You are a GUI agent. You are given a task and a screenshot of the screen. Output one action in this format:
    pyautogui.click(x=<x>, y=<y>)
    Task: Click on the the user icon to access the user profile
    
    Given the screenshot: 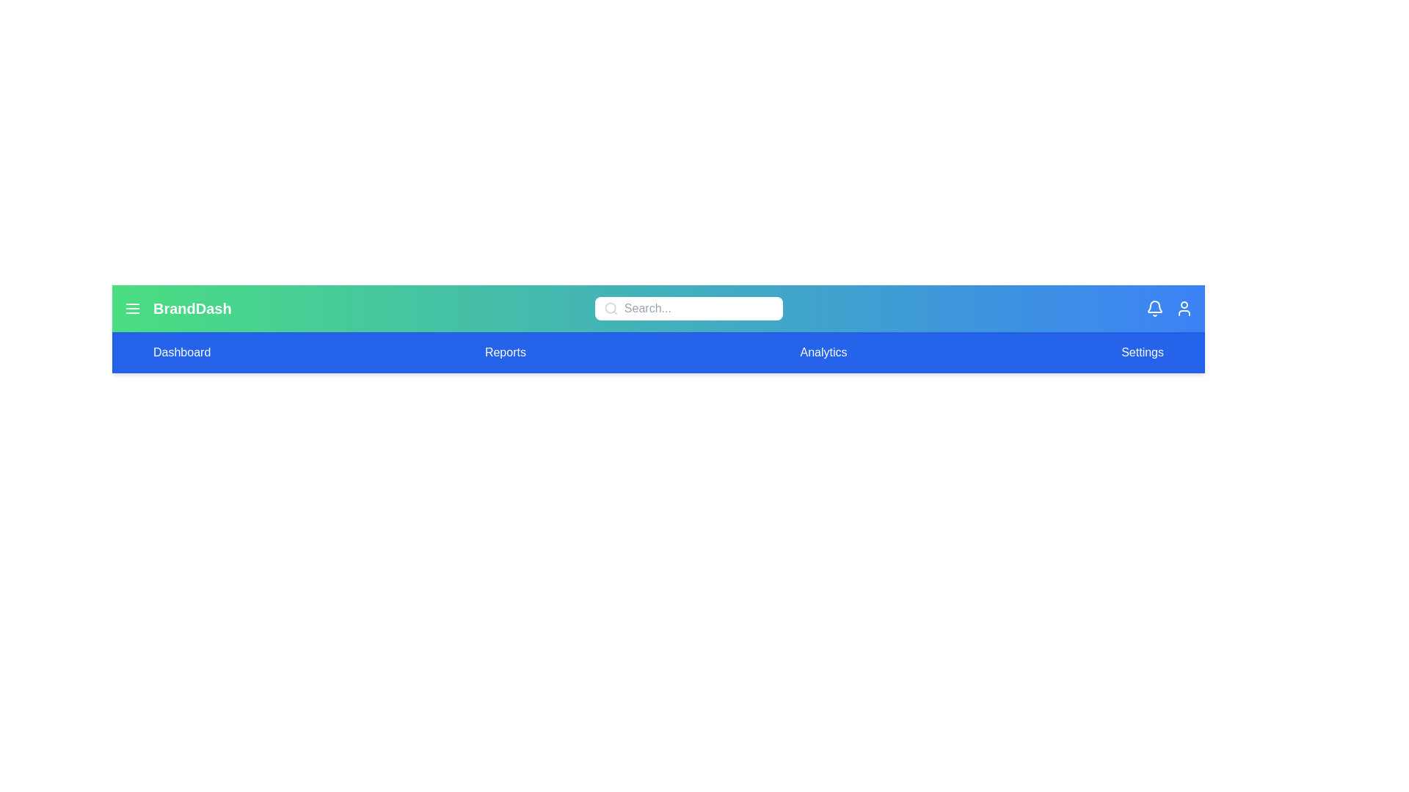 What is the action you would take?
    pyautogui.click(x=1184, y=307)
    